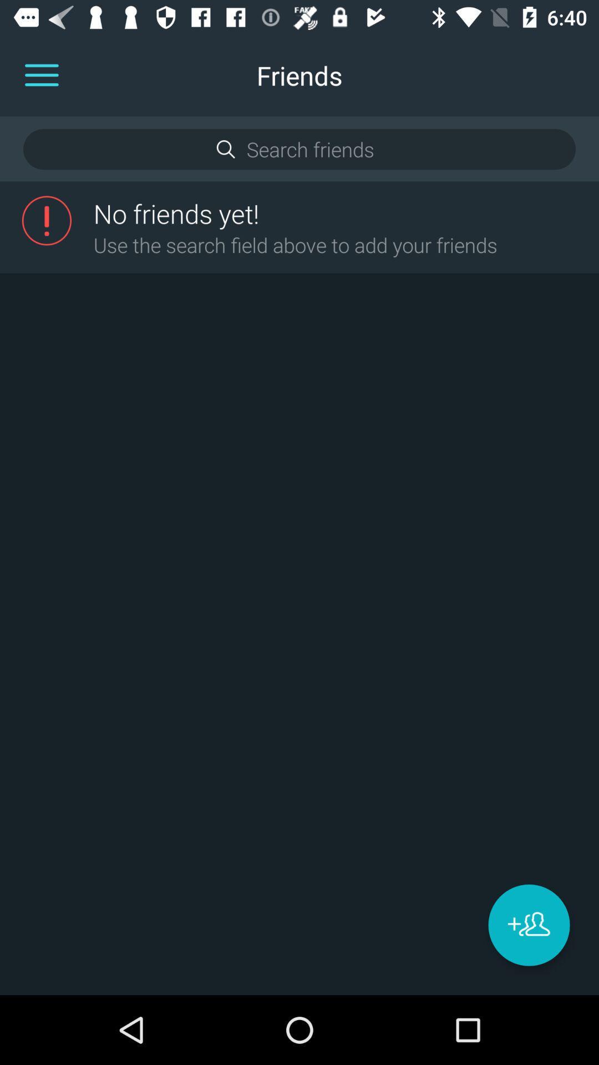 The image size is (599, 1065). I want to click on search friends field, so click(298, 149).